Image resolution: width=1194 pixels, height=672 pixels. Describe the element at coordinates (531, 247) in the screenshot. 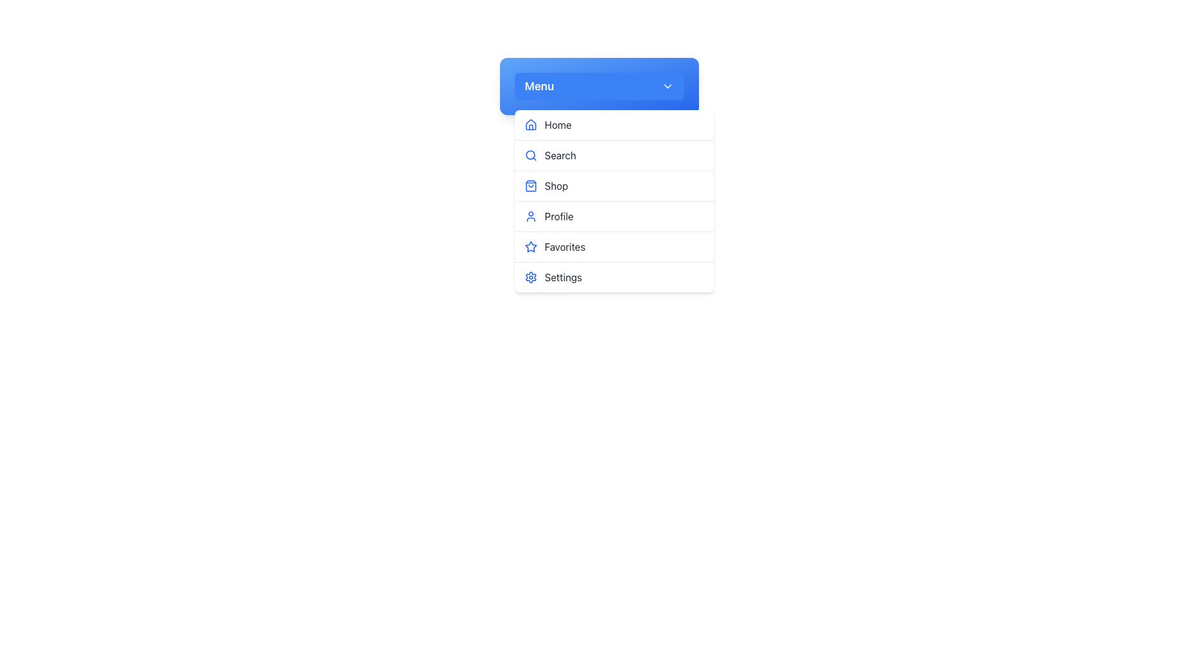

I see `the Favorites menu icon located to the left of the 'Favorites' text` at that location.